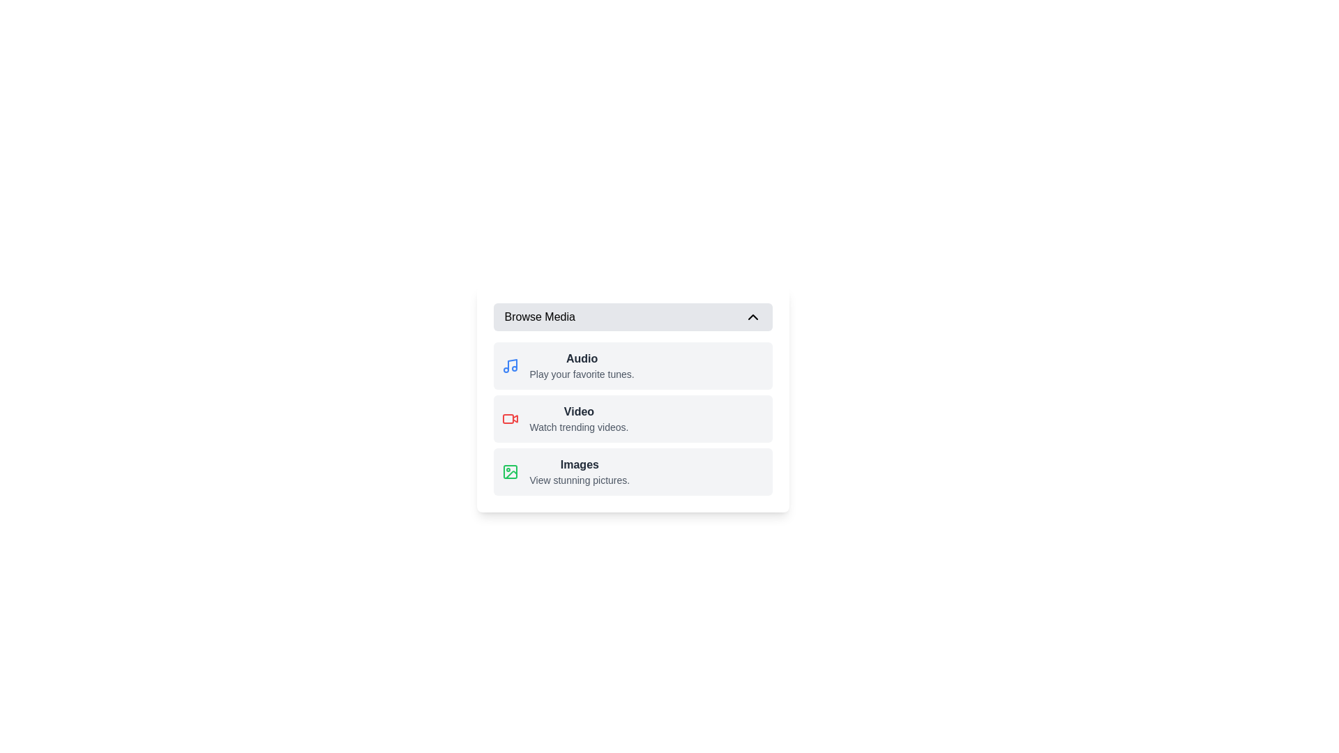 The height and width of the screenshot is (753, 1339). Describe the element at coordinates (509, 418) in the screenshot. I see `the 'Video' icon in the 'Browse Media' section, which visually represents the function of watching videos, located between 'Audio' and 'Images'` at that location.